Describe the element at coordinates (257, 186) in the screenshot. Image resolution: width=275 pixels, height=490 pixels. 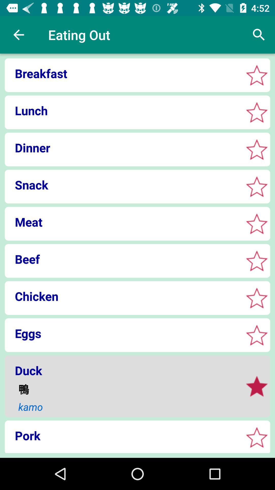
I see `mark selection` at that location.